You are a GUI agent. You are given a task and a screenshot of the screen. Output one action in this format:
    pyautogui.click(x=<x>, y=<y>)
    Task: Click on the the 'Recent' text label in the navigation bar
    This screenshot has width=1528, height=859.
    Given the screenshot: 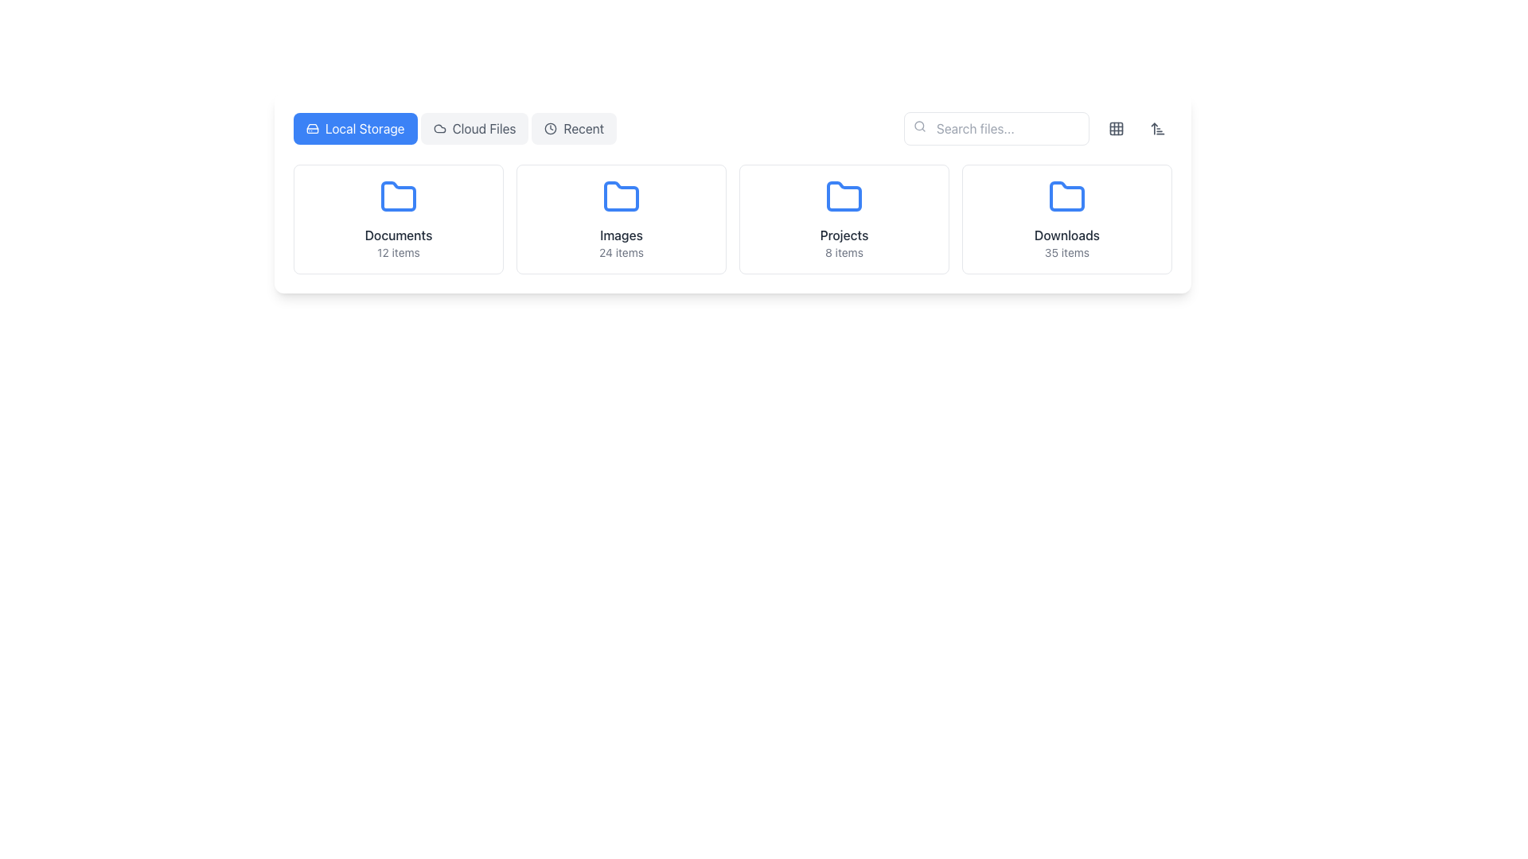 What is the action you would take?
    pyautogui.click(x=583, y=128)
    